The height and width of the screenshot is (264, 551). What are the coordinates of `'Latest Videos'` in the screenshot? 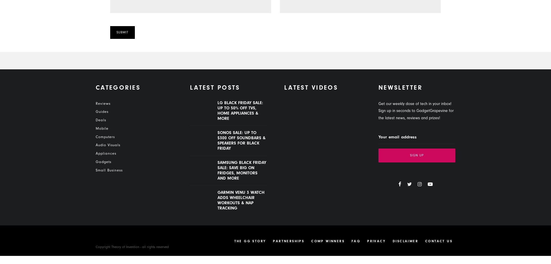 It's located at (284, 88).